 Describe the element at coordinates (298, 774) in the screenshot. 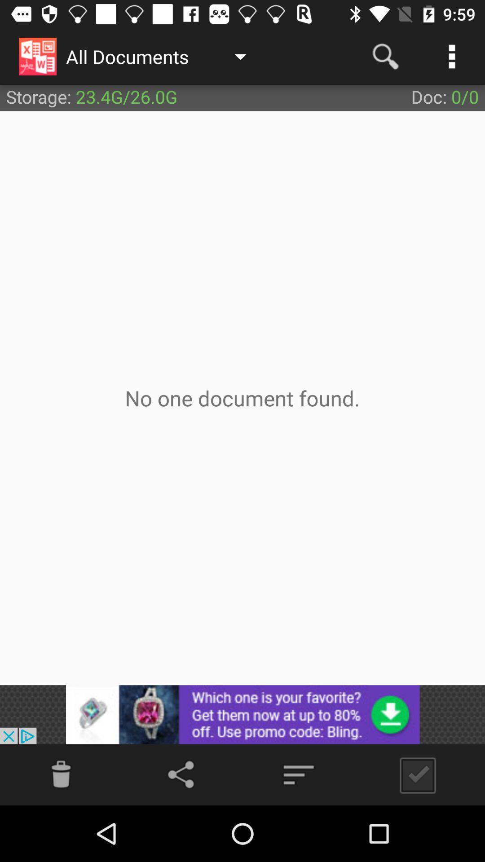

I see `the filter_list icon` at that location.